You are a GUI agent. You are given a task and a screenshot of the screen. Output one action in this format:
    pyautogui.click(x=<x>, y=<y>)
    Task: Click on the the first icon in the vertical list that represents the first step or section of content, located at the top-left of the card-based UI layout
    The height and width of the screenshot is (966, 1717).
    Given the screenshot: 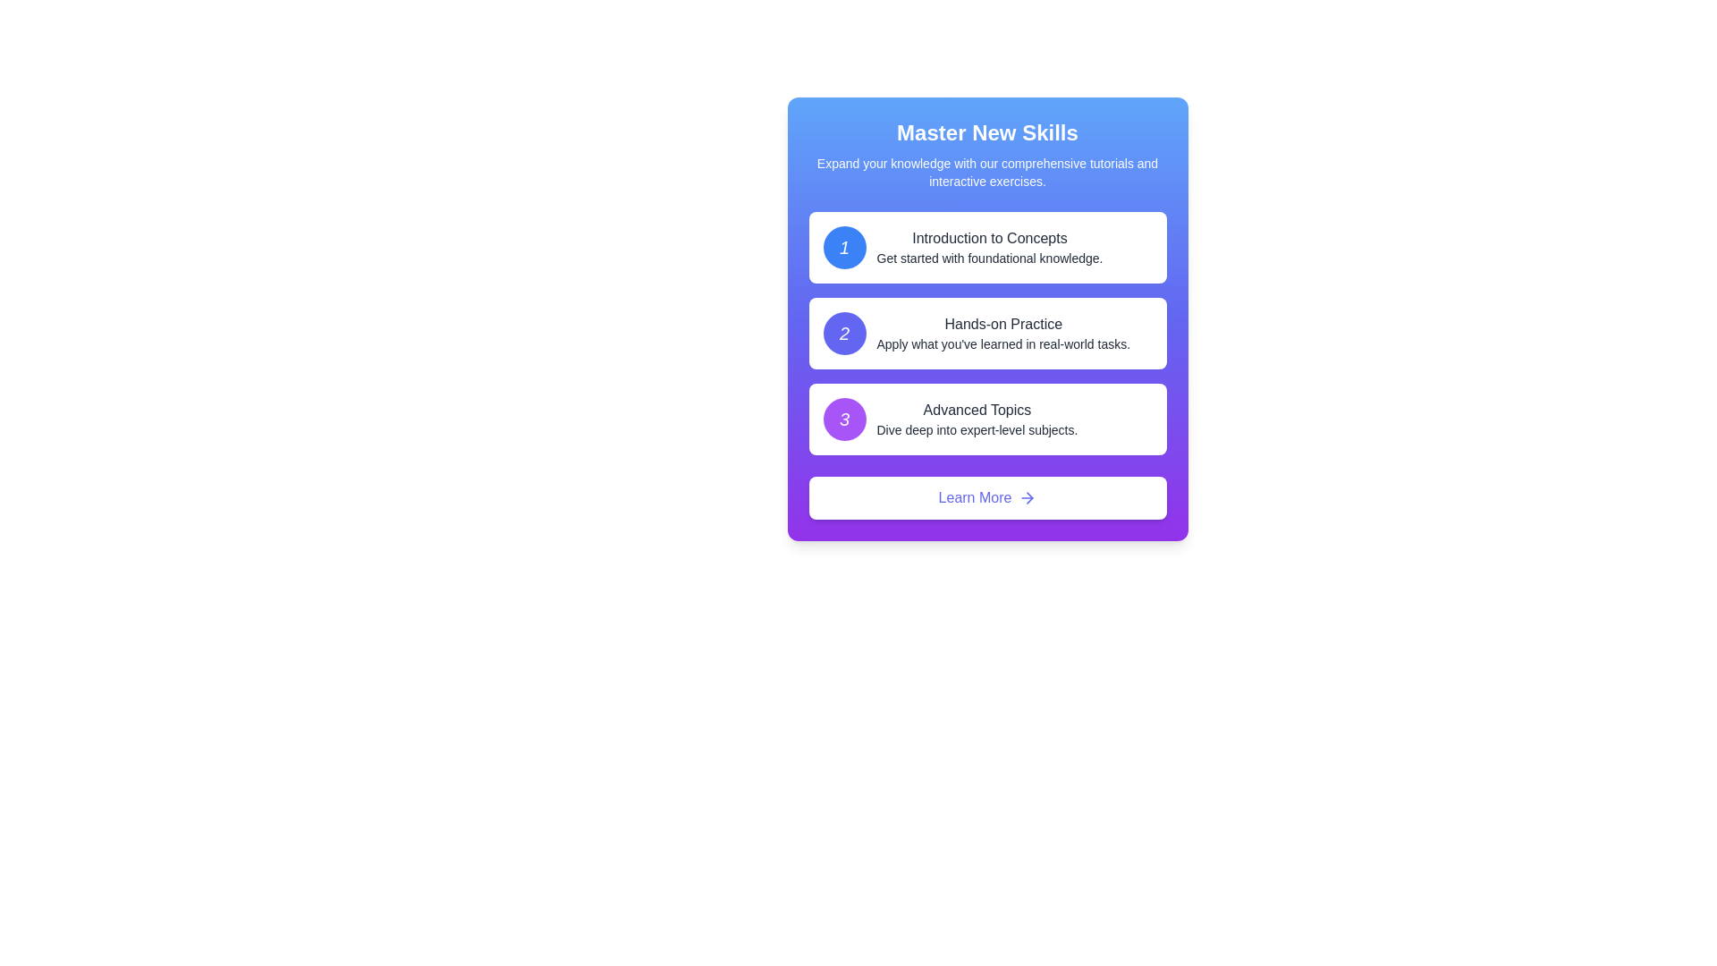 What is the action you would take?
    pyautogui.click(x=843, y=248)
    